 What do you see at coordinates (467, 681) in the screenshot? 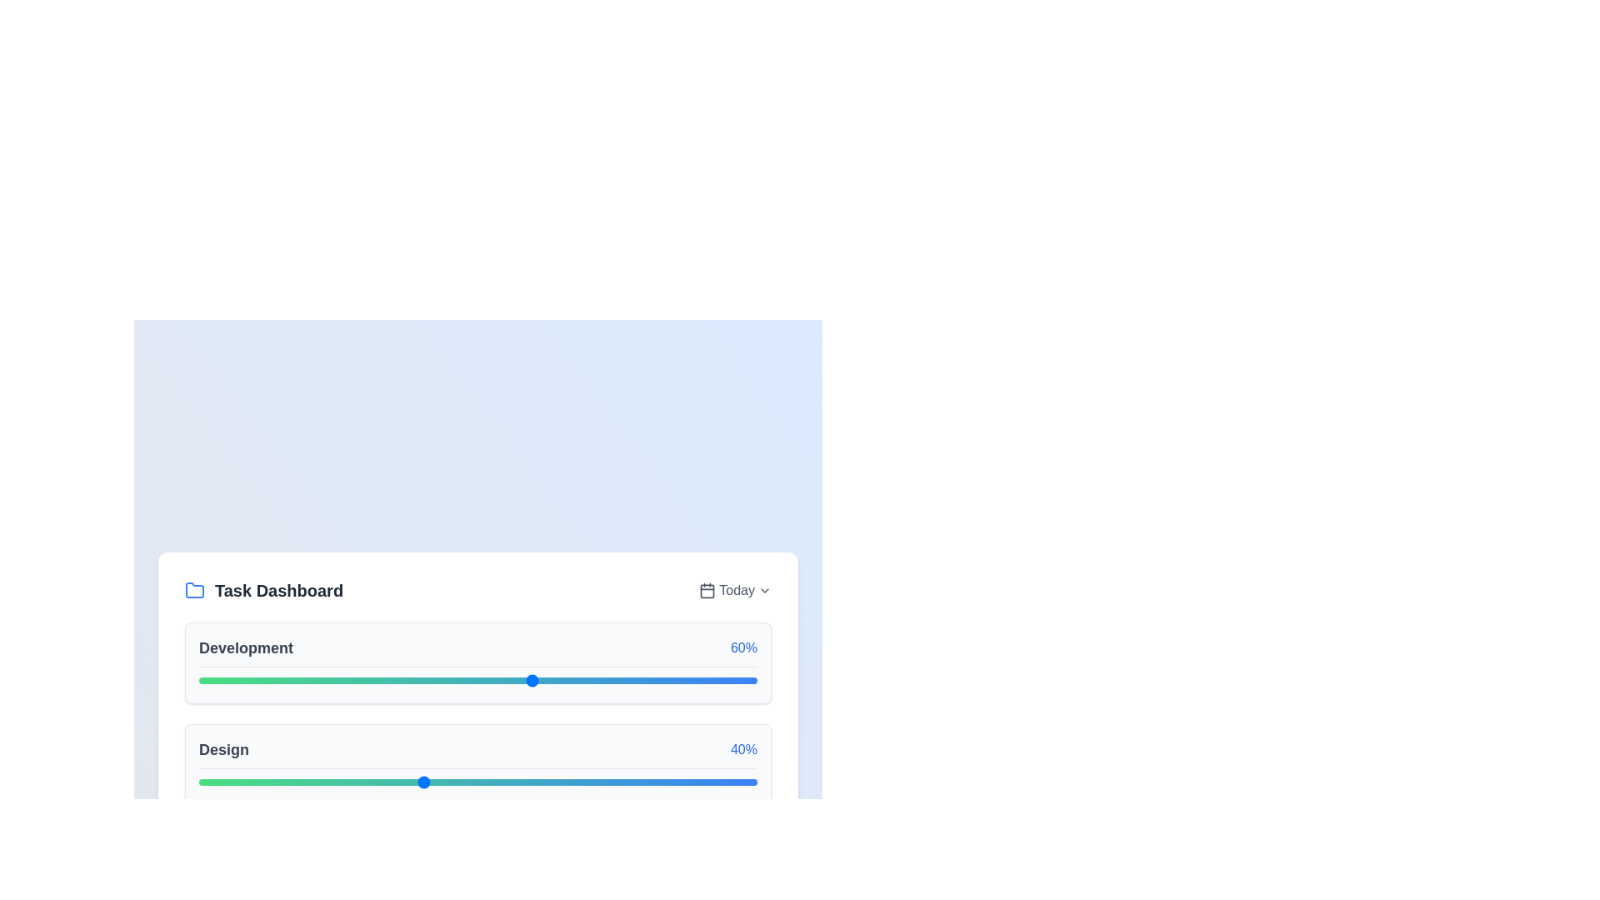
I see `the development progress` at bounding box center [467, 681].